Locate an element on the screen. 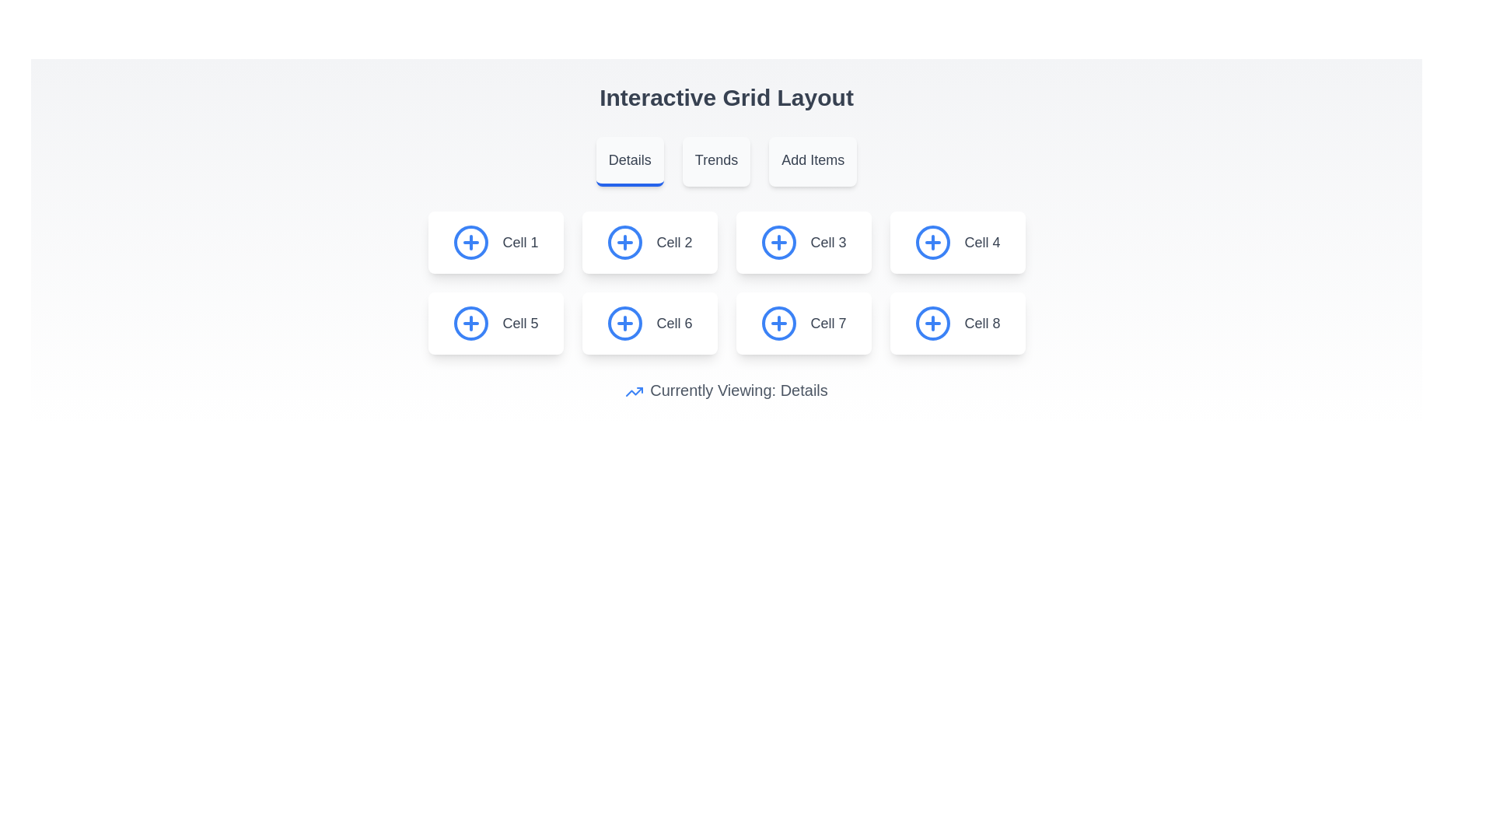 The height and width of the screenshot is (840, 1493). the 'Trends' button, which is a medium-sized gray button with rounded corners, located between 'Details' and 'Add Items' buttons is located at coordinates (715, 162).